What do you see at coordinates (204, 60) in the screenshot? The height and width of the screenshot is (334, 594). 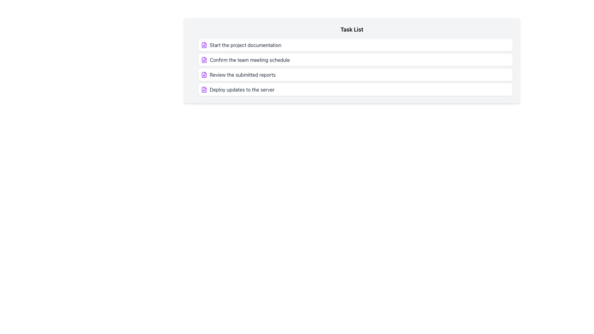 I see `the purple file document icon located to the left of the text 'Confirm the team meeting schedule' in the second item of the vertical task list` at bounding box center [204, 60].